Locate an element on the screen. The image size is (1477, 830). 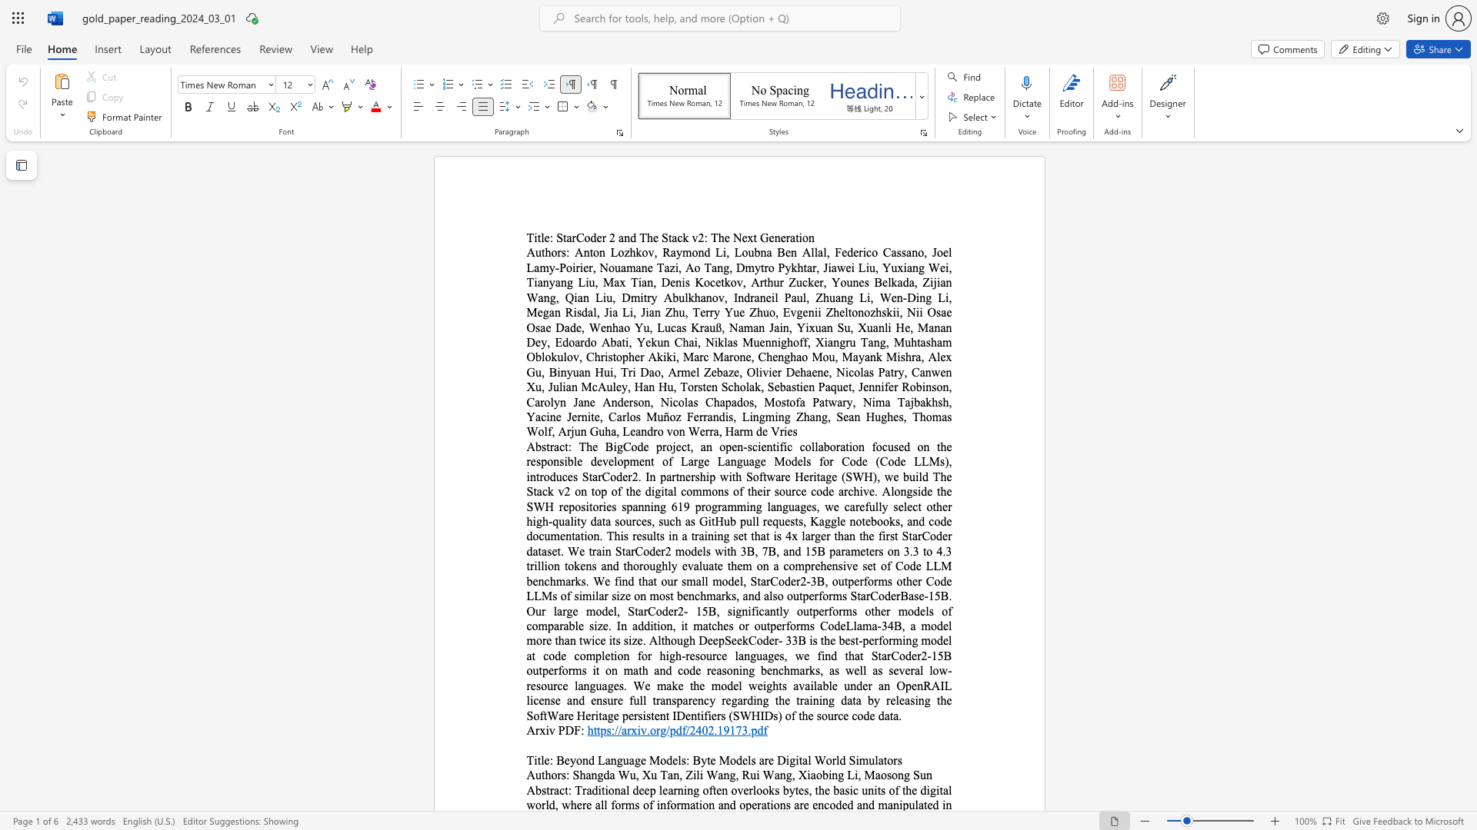
the subset text "rld Si" within the text "Beyond Language Models: Byte Models are Digital World Simulators" is located at coordinates (831, 759).